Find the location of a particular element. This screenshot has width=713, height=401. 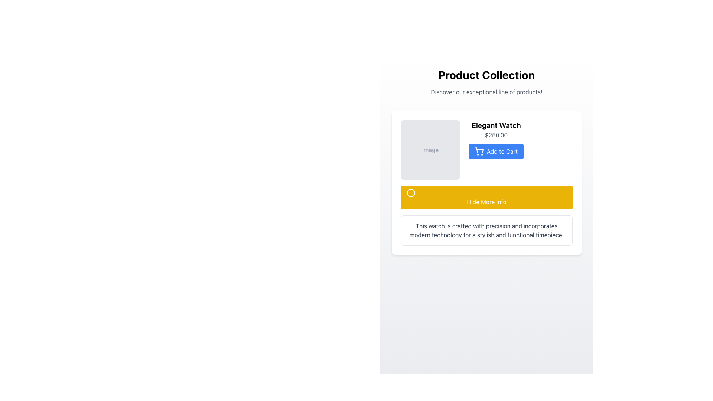

the rectangular button with a yellow background and the text 'Hide More Info' is located at coordinates (486, 197).